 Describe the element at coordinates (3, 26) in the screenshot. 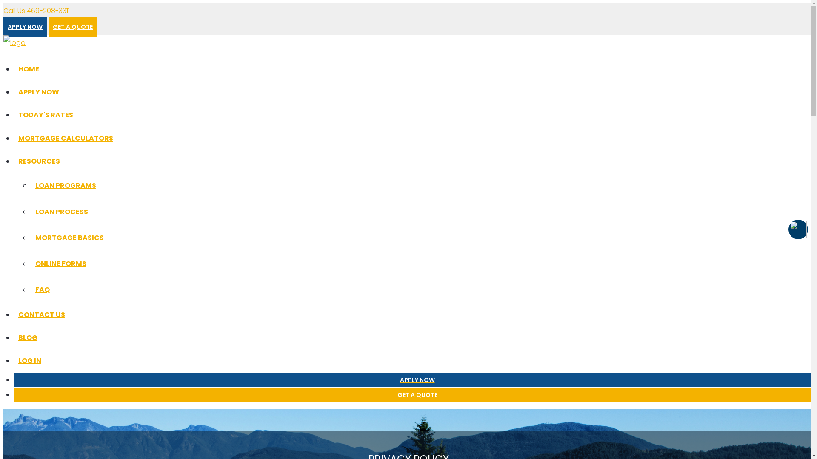

I see `'APPLY NOW'` at that location.